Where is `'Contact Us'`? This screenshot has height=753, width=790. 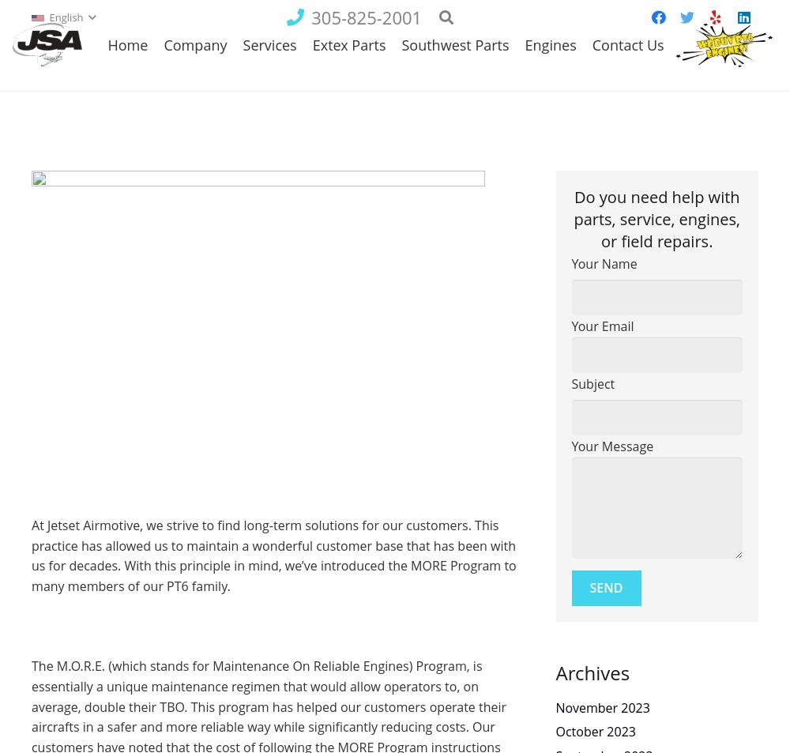 'Contact Us' is located at coordinates (627, 88).